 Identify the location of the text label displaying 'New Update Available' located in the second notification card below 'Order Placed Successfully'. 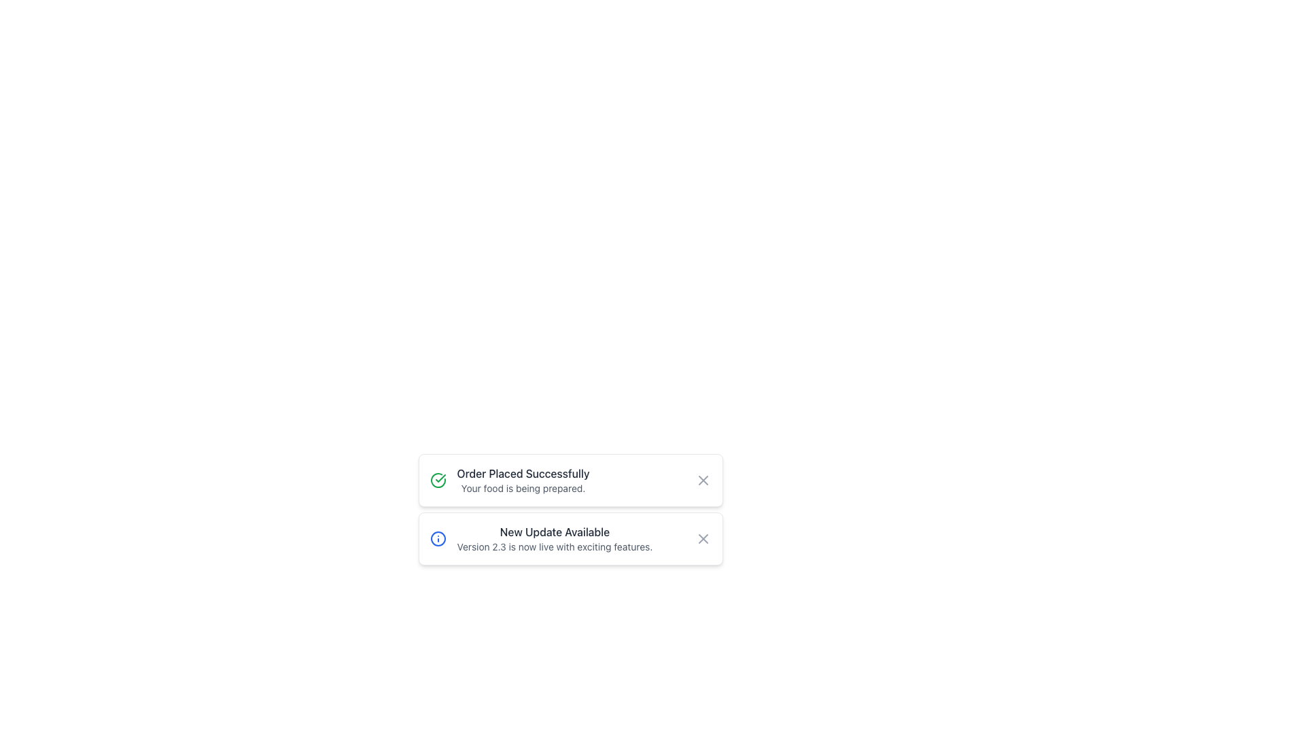
(555, 531).